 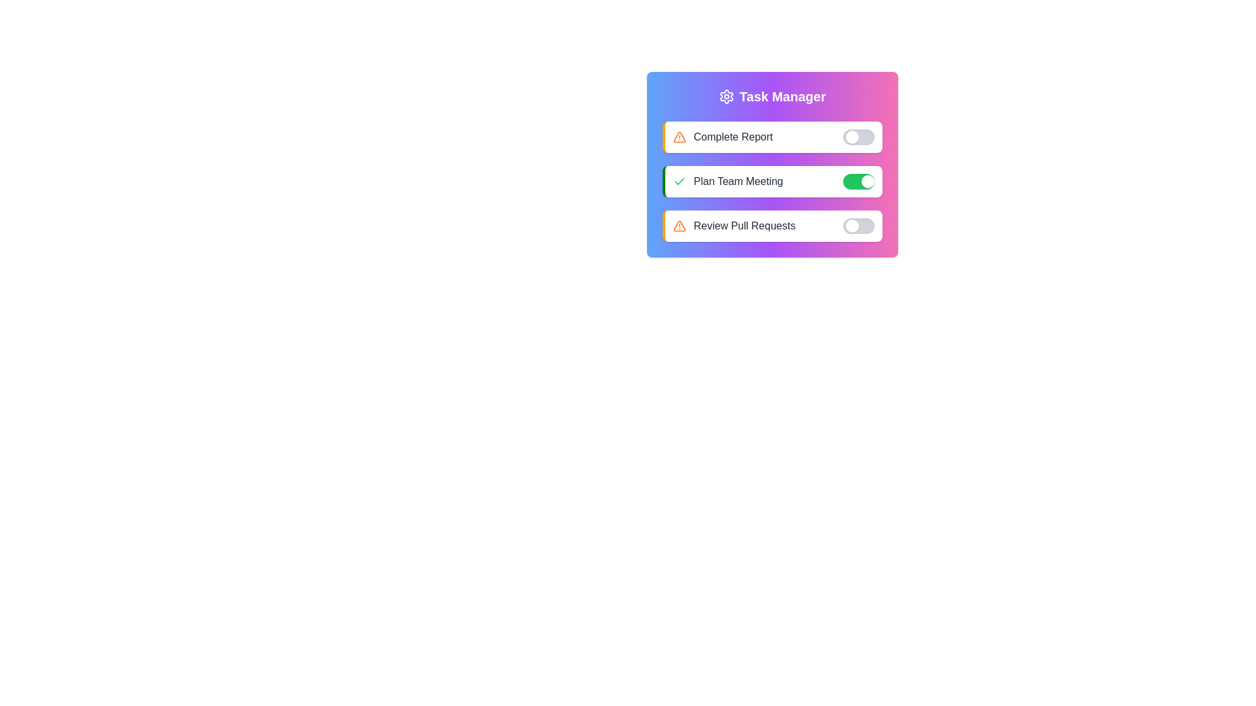 I want to click on the settings icon in the Task Manager header, so click(x=725, y=95).